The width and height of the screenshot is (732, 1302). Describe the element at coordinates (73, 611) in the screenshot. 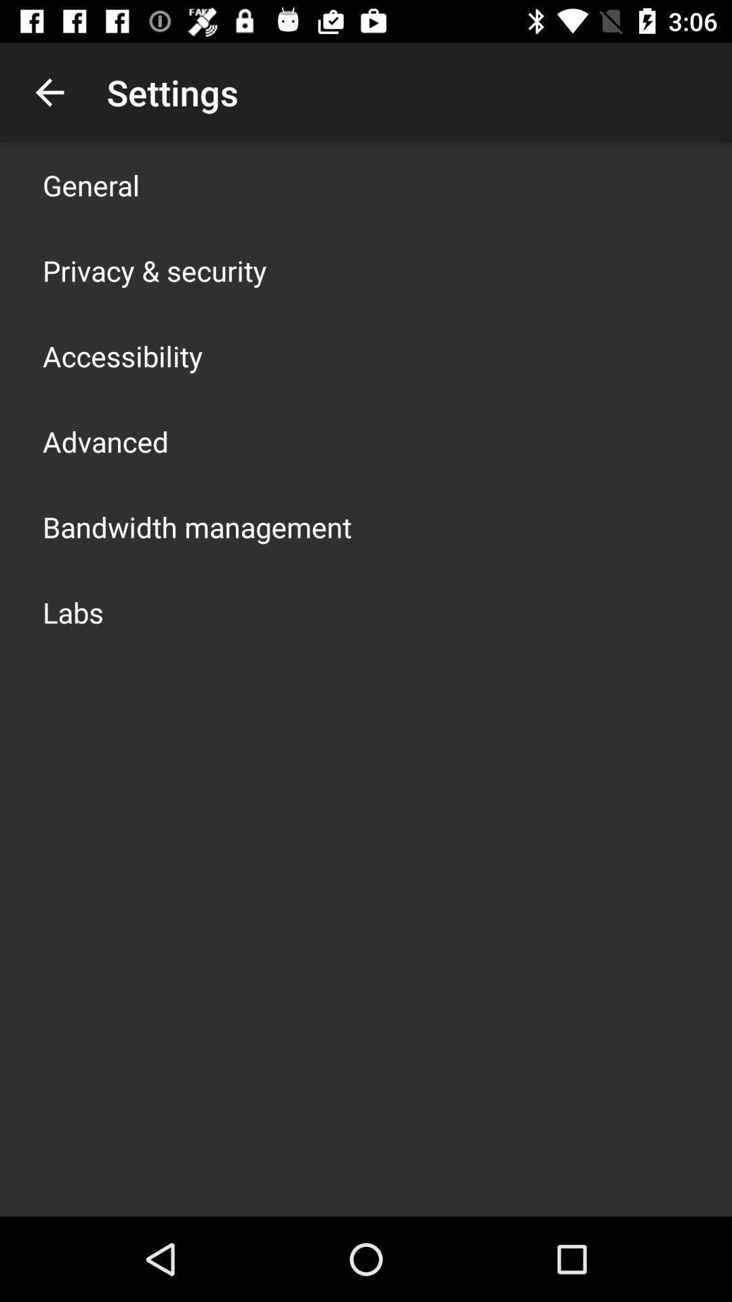

I see `icon below the bandwidth management icon` at that location.